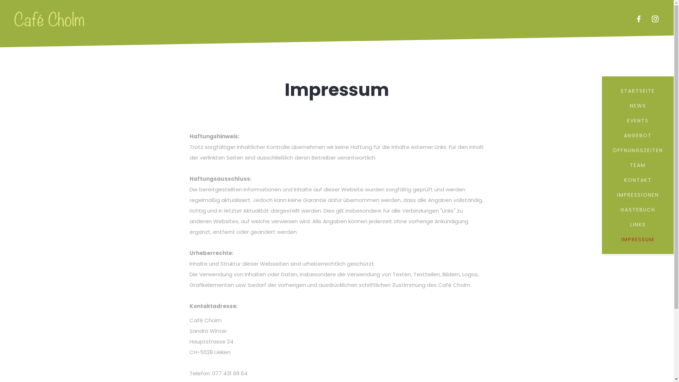 The image size is (679, 382). What do you see at coordinates (638, 225) in the screenshot?
I see `'LINKS'` at bounding box center [638, 225].